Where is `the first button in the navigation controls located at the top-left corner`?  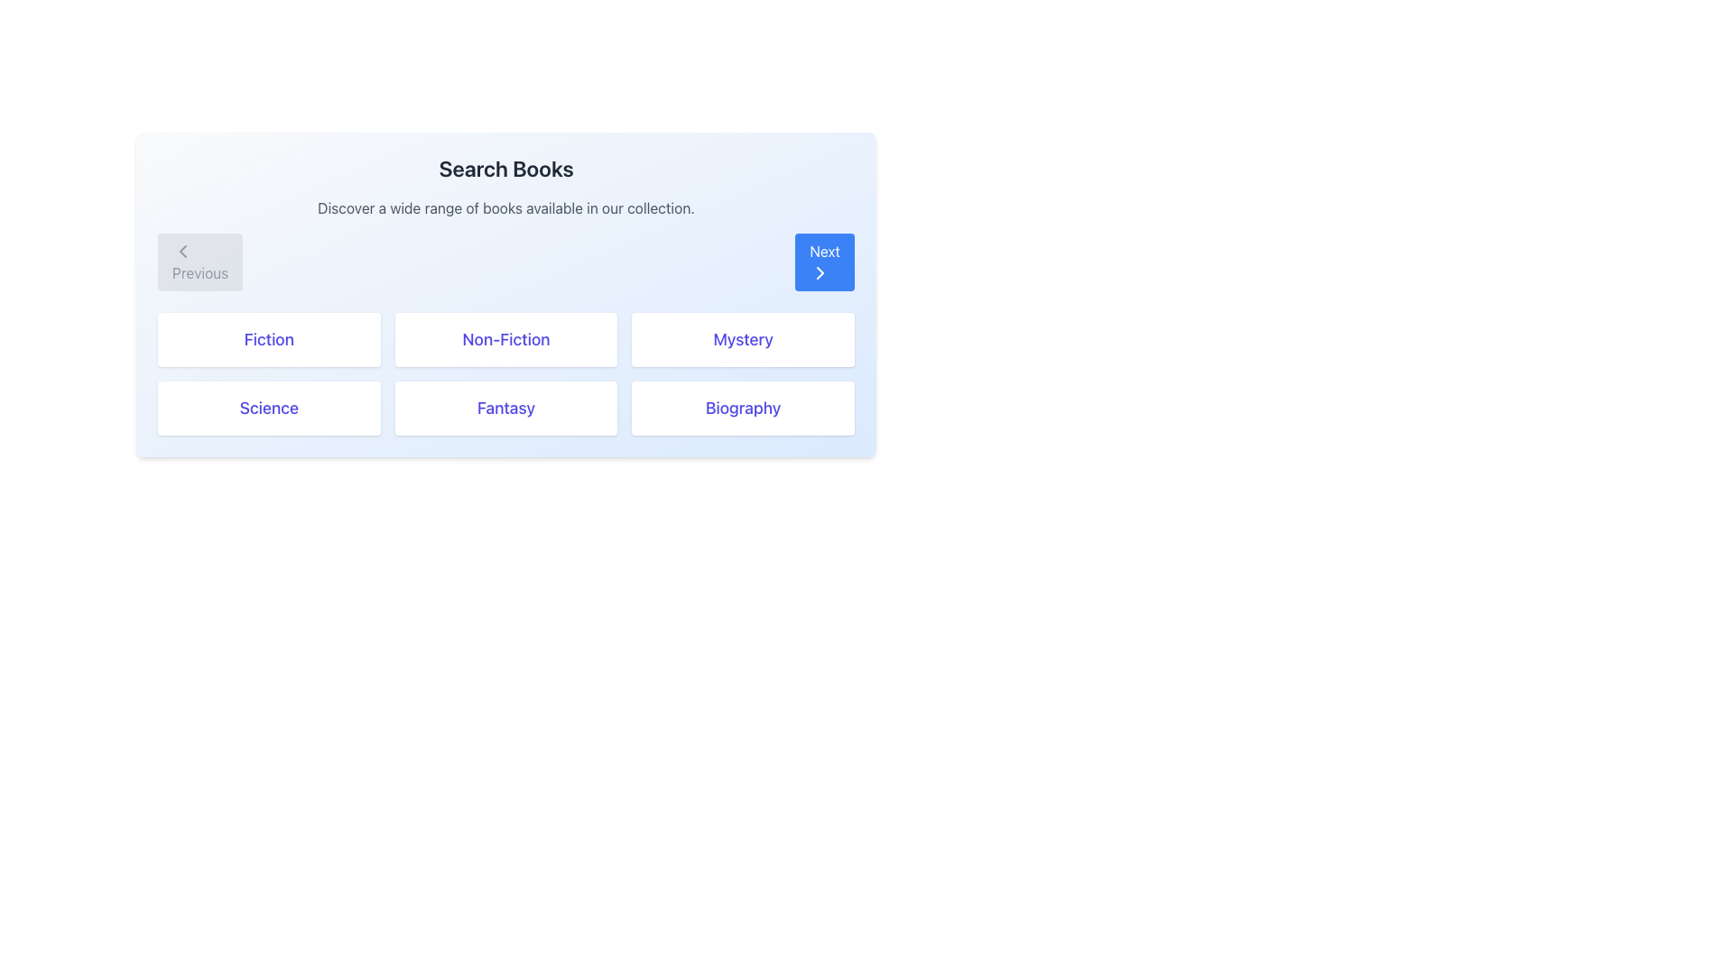 the first button in the navigation controls located at the top-left corner is located at coordinates (200, 262).